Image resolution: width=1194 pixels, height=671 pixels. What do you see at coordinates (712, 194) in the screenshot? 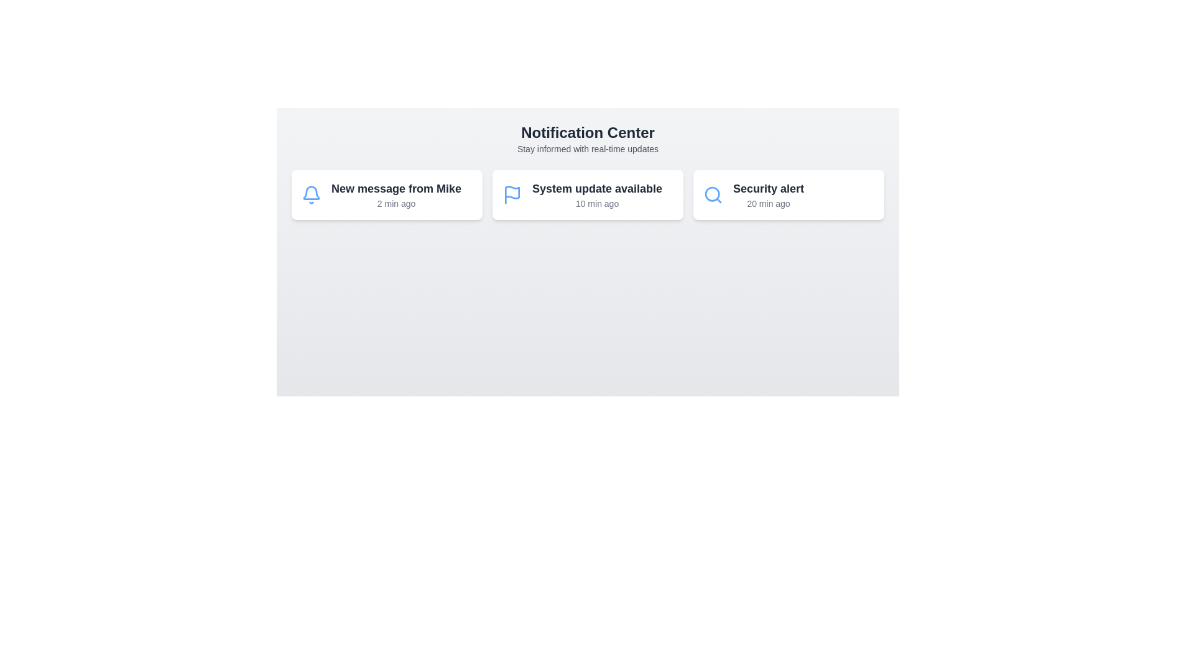
I see `the Decorative SVG circle element that represents the main lens of the magnifying glass, located in the third notification box titled 'Security alert'` at bounding box center [712, 194].